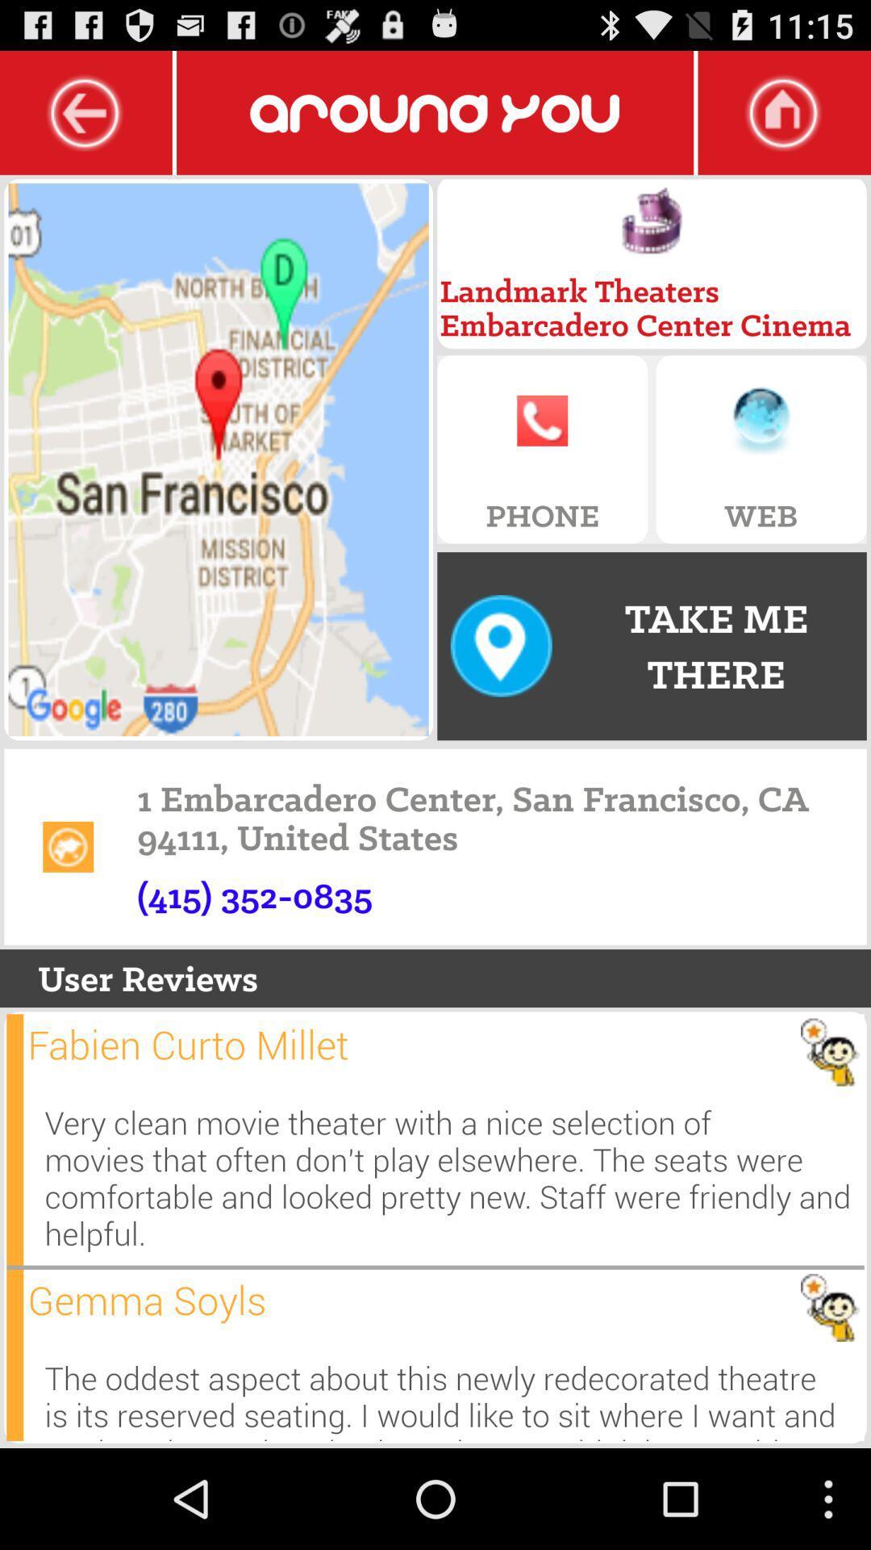 The width and height of the screenshot is (871, 1550). Describe the element at coordinates (15, 1138) in the screenshot. I see `icon below     user reviews` at that location.